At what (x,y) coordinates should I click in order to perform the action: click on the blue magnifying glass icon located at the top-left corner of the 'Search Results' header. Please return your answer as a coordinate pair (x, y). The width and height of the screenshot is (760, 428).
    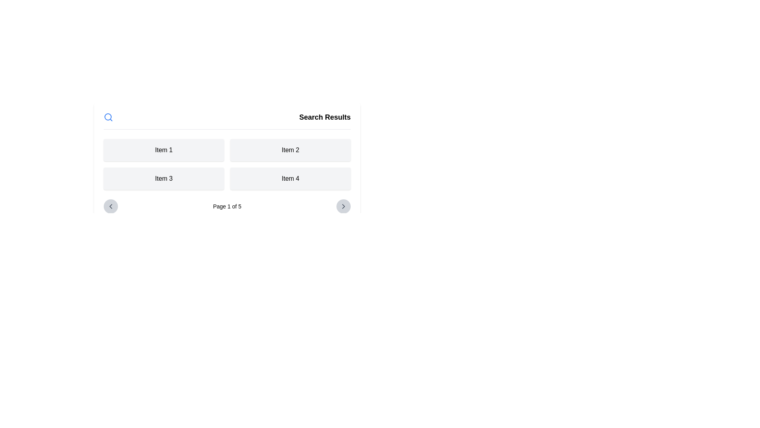
    Looking at the image, I should click on (108, 117).